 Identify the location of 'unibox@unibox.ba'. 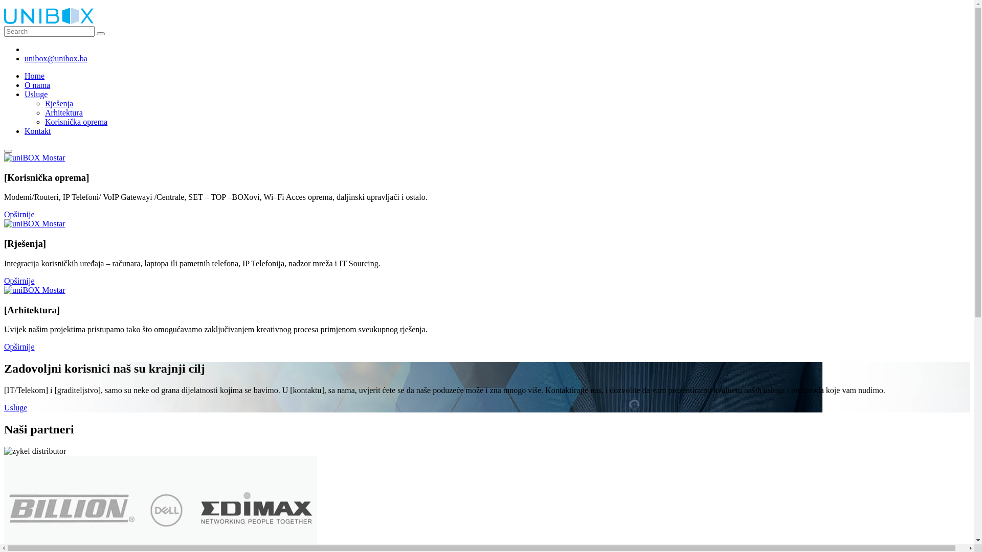
(25, 58).